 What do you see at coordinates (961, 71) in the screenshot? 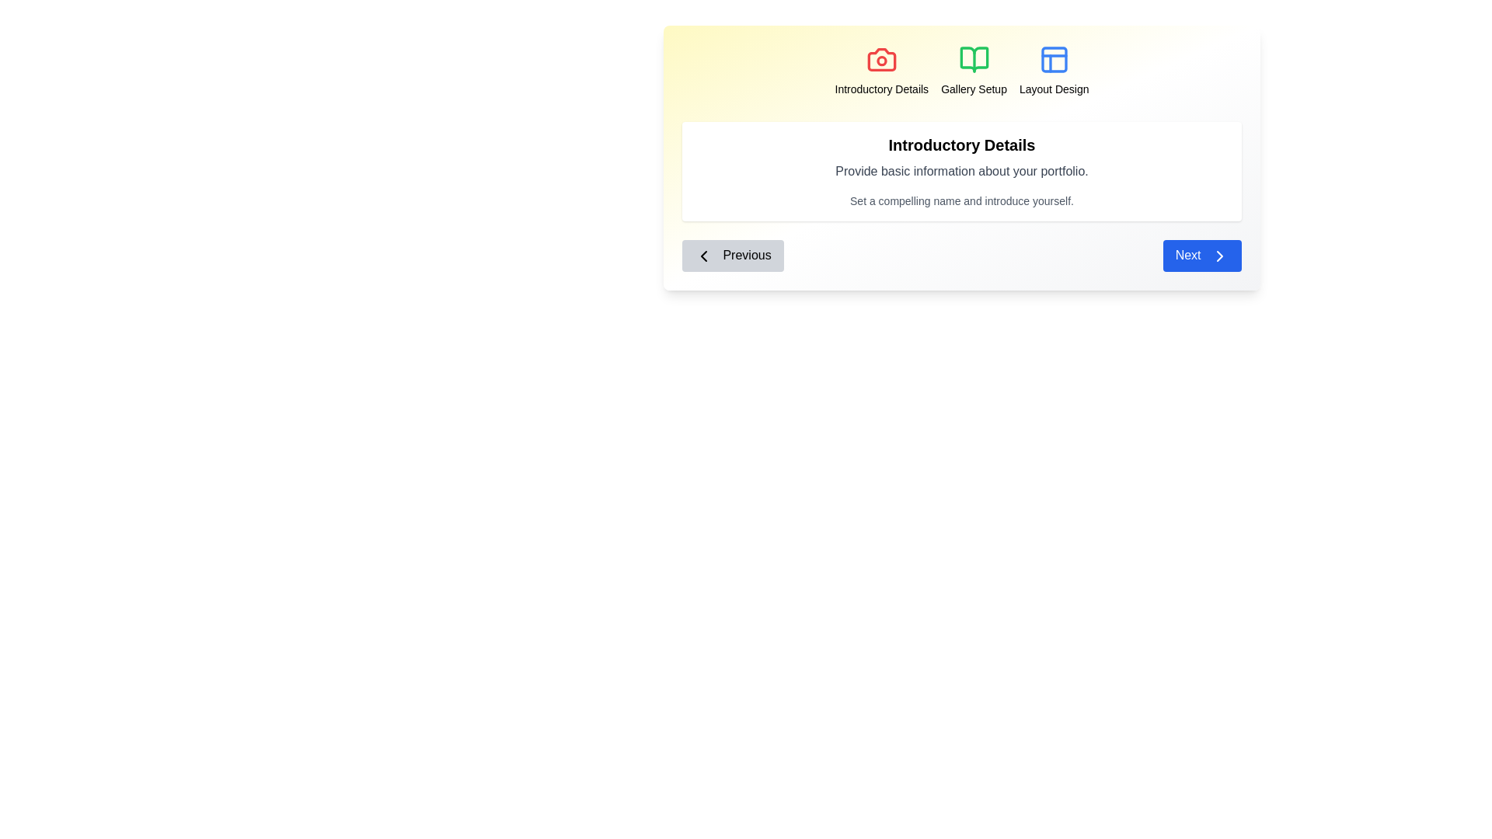
I see `the 'Gallery Setup' tab in the step navigation component` at bounding box center [961, 71].